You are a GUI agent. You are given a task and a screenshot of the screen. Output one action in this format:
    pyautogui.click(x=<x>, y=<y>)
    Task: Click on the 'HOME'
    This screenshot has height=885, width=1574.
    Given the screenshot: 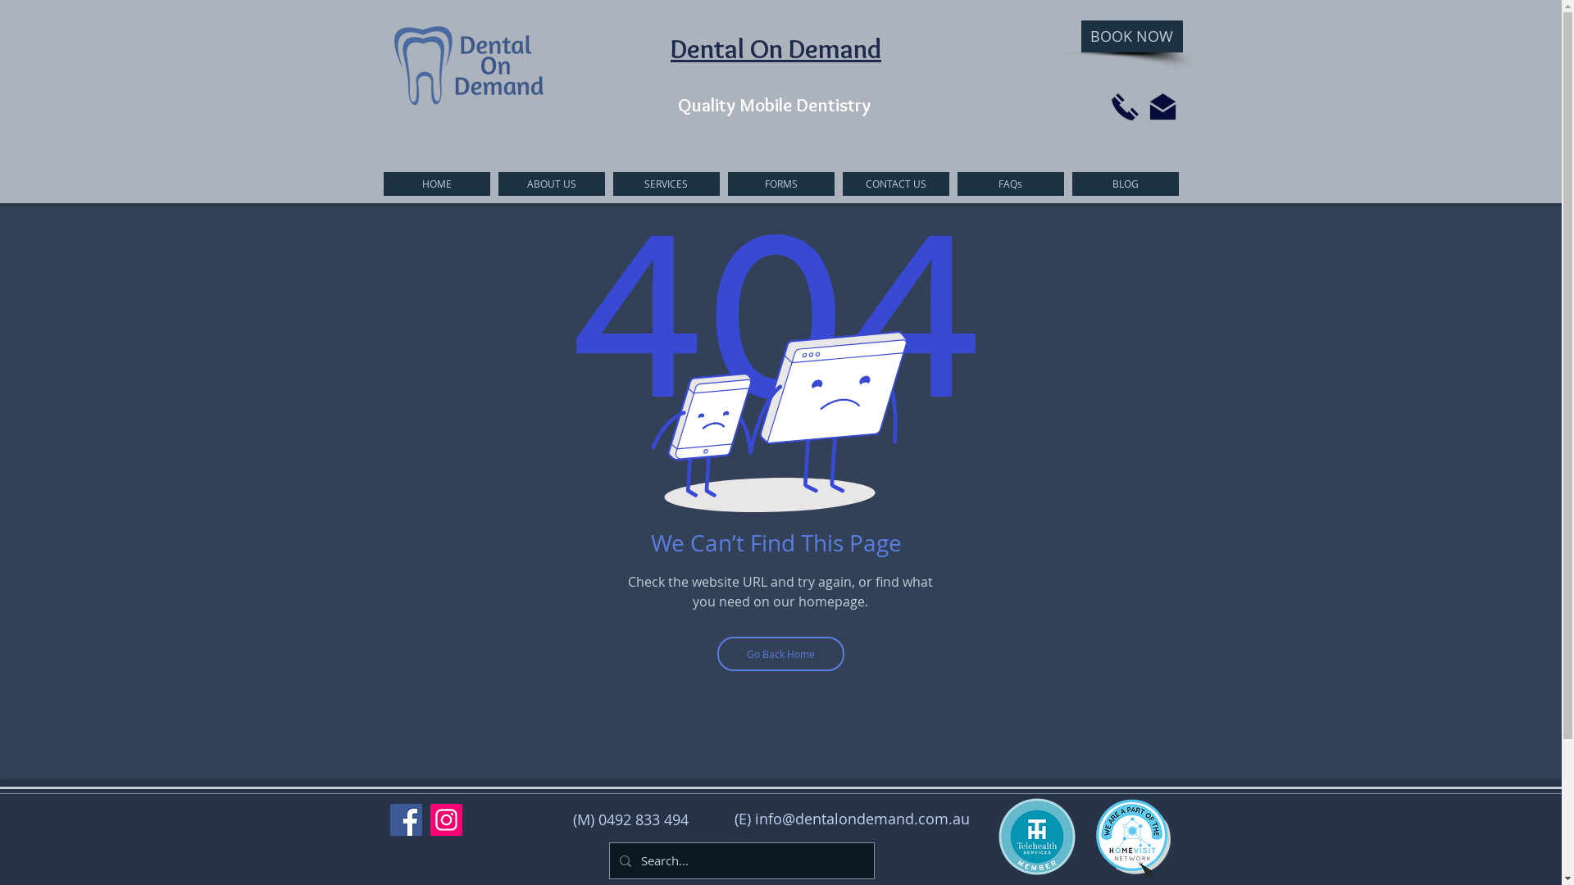 What is the action you would take?
    pyautogui.click(x=436, y=184)
    